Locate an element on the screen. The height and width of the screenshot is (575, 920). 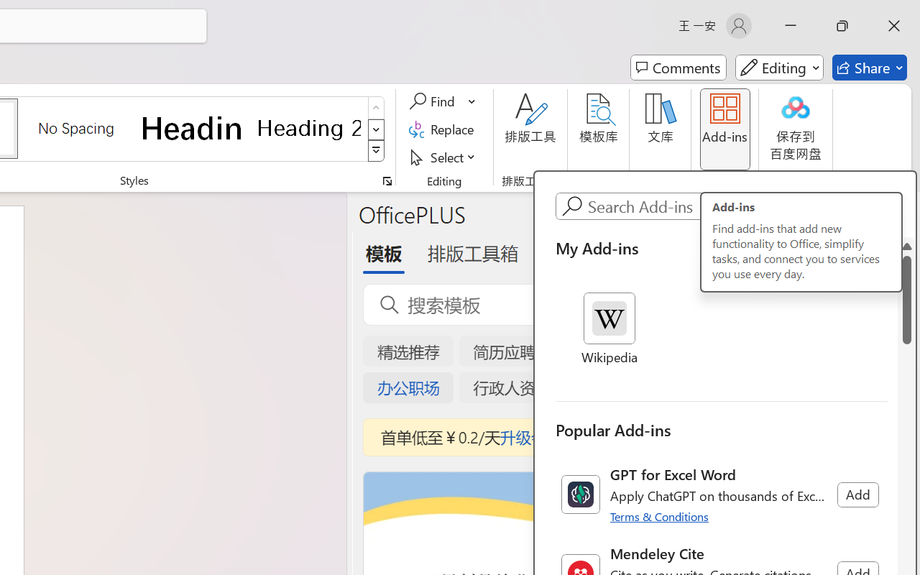
'Share' is located at coordinates (869, 68).